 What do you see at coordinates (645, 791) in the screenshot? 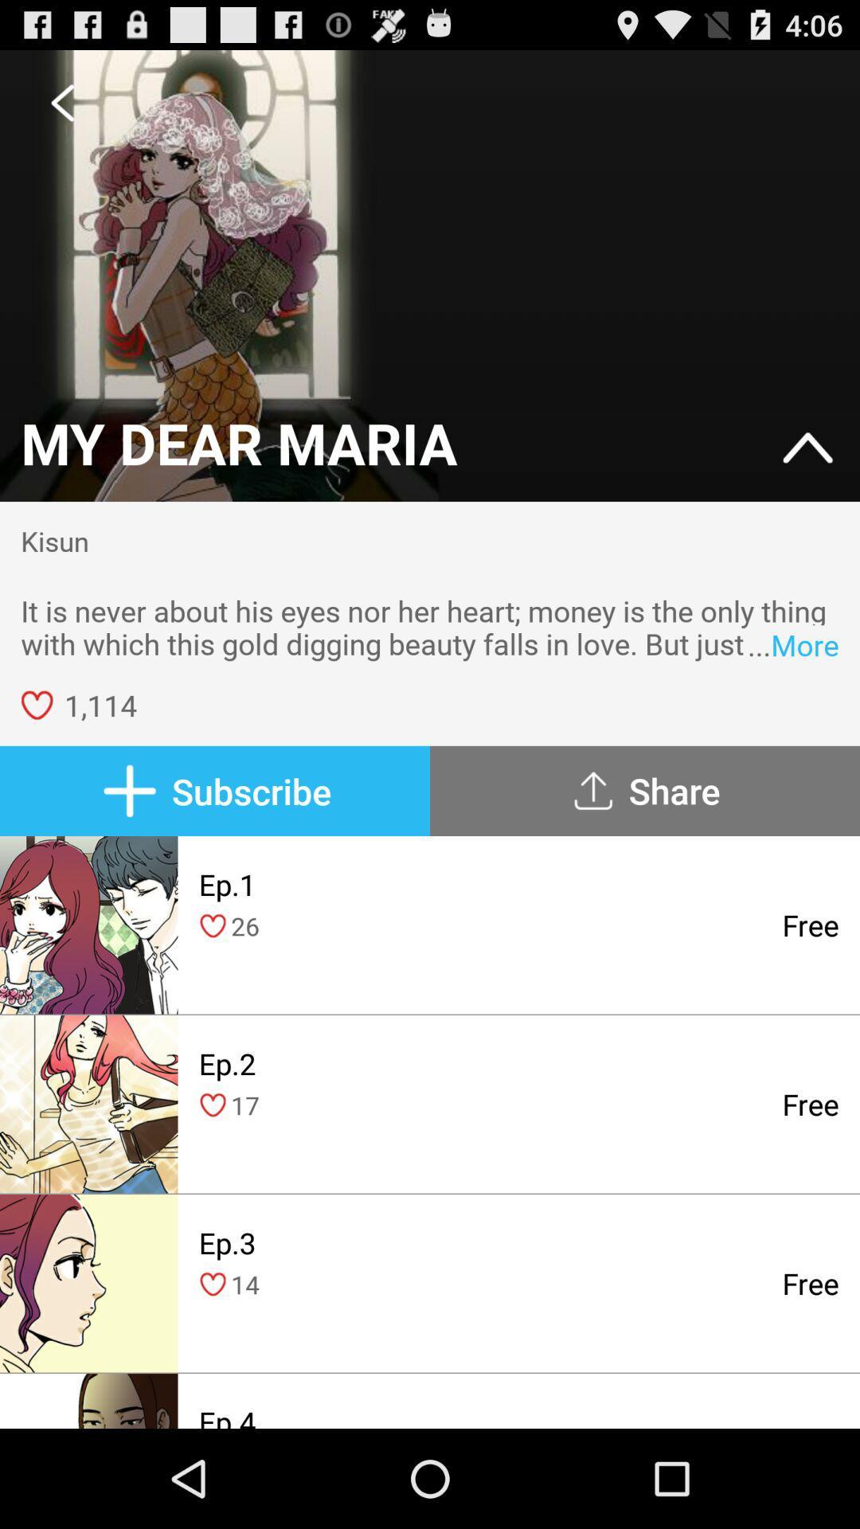
I see `icon below it is never item` at bounding box center [645, 791].